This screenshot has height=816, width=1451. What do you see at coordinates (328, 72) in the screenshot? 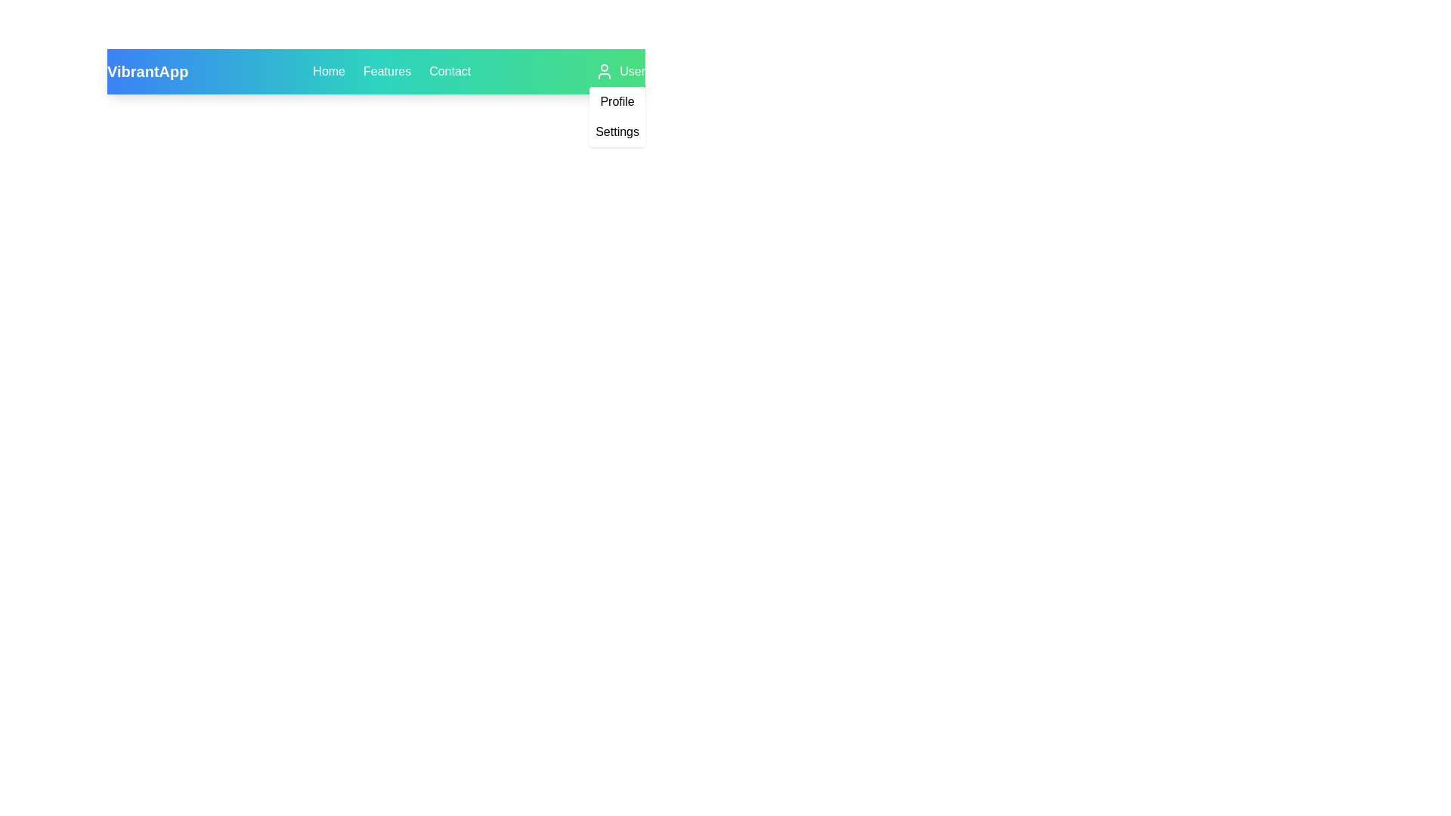
I see `the Home navigation link` at bounding box center [328, 72].